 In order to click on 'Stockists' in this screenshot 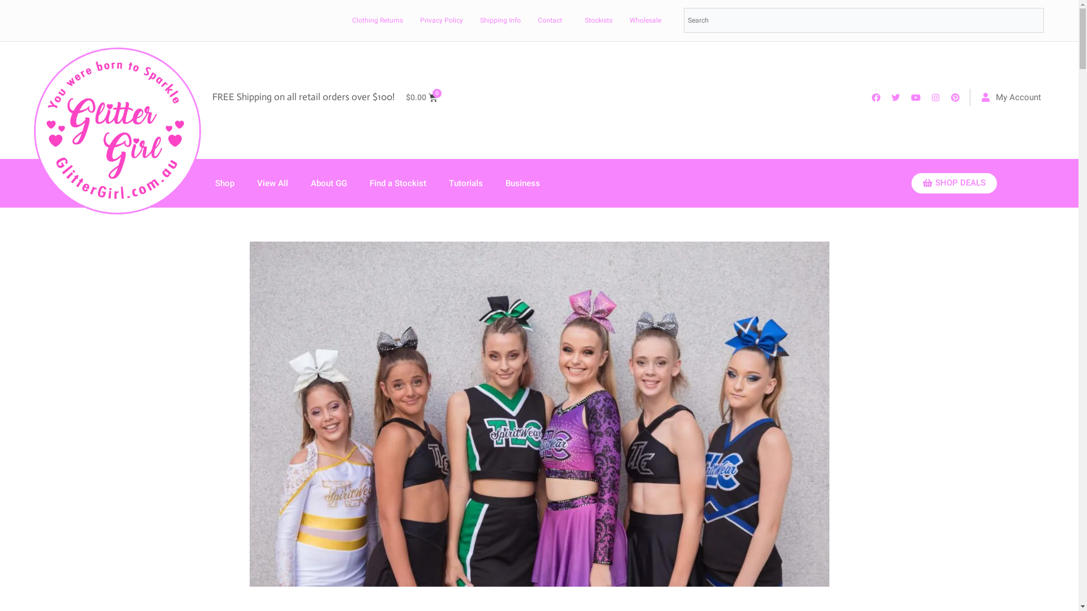, I will do `click(598, 20)`.